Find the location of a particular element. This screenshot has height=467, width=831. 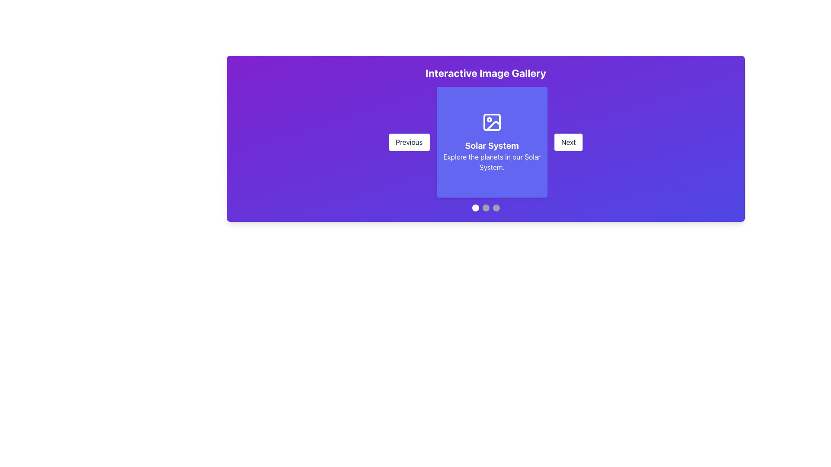

the prominent 'Solar System' text, which is styled in bold and located within a card layout against an indigo background is located at coordinates (492, 145).